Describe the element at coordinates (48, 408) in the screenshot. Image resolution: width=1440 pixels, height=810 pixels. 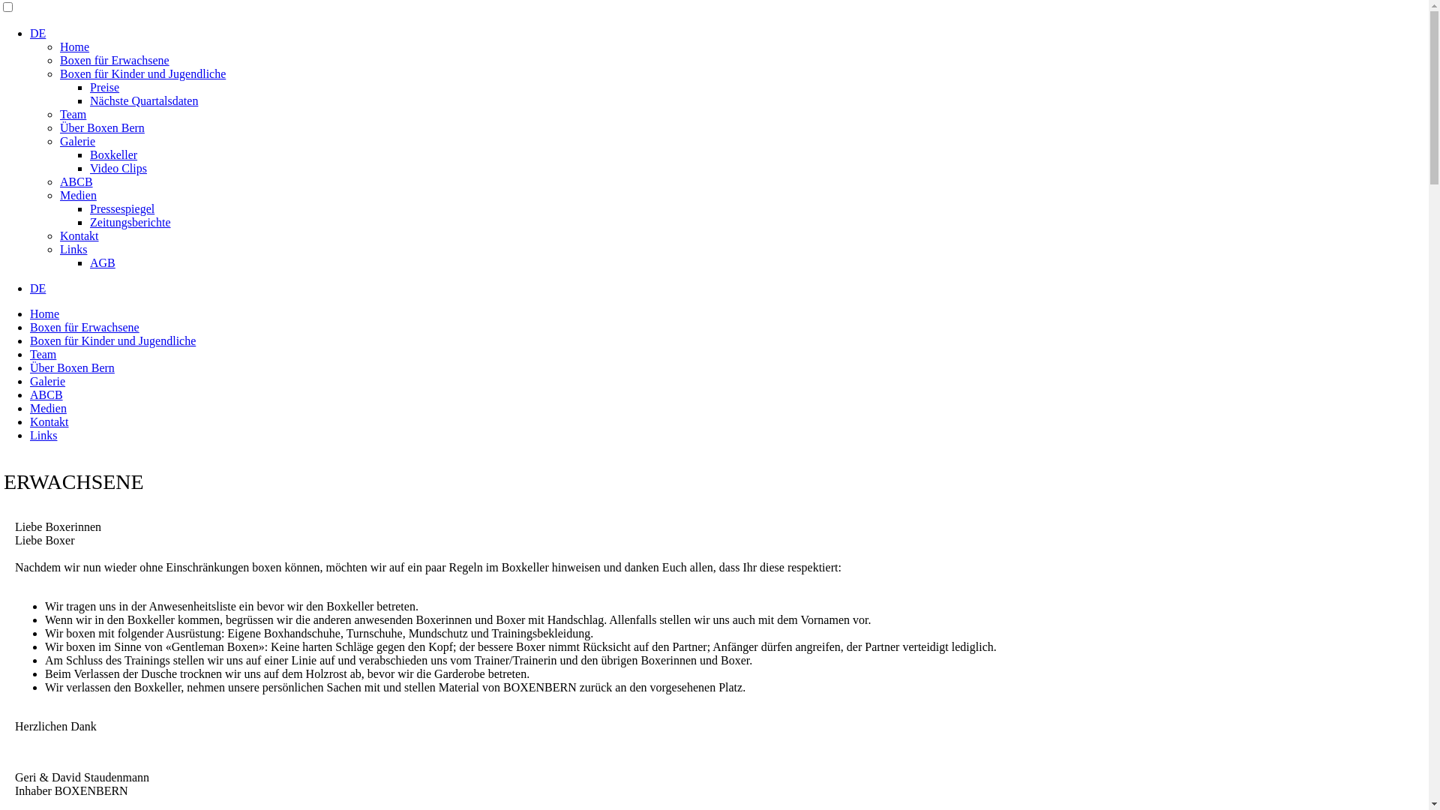
I see `'Medien'` at that location.